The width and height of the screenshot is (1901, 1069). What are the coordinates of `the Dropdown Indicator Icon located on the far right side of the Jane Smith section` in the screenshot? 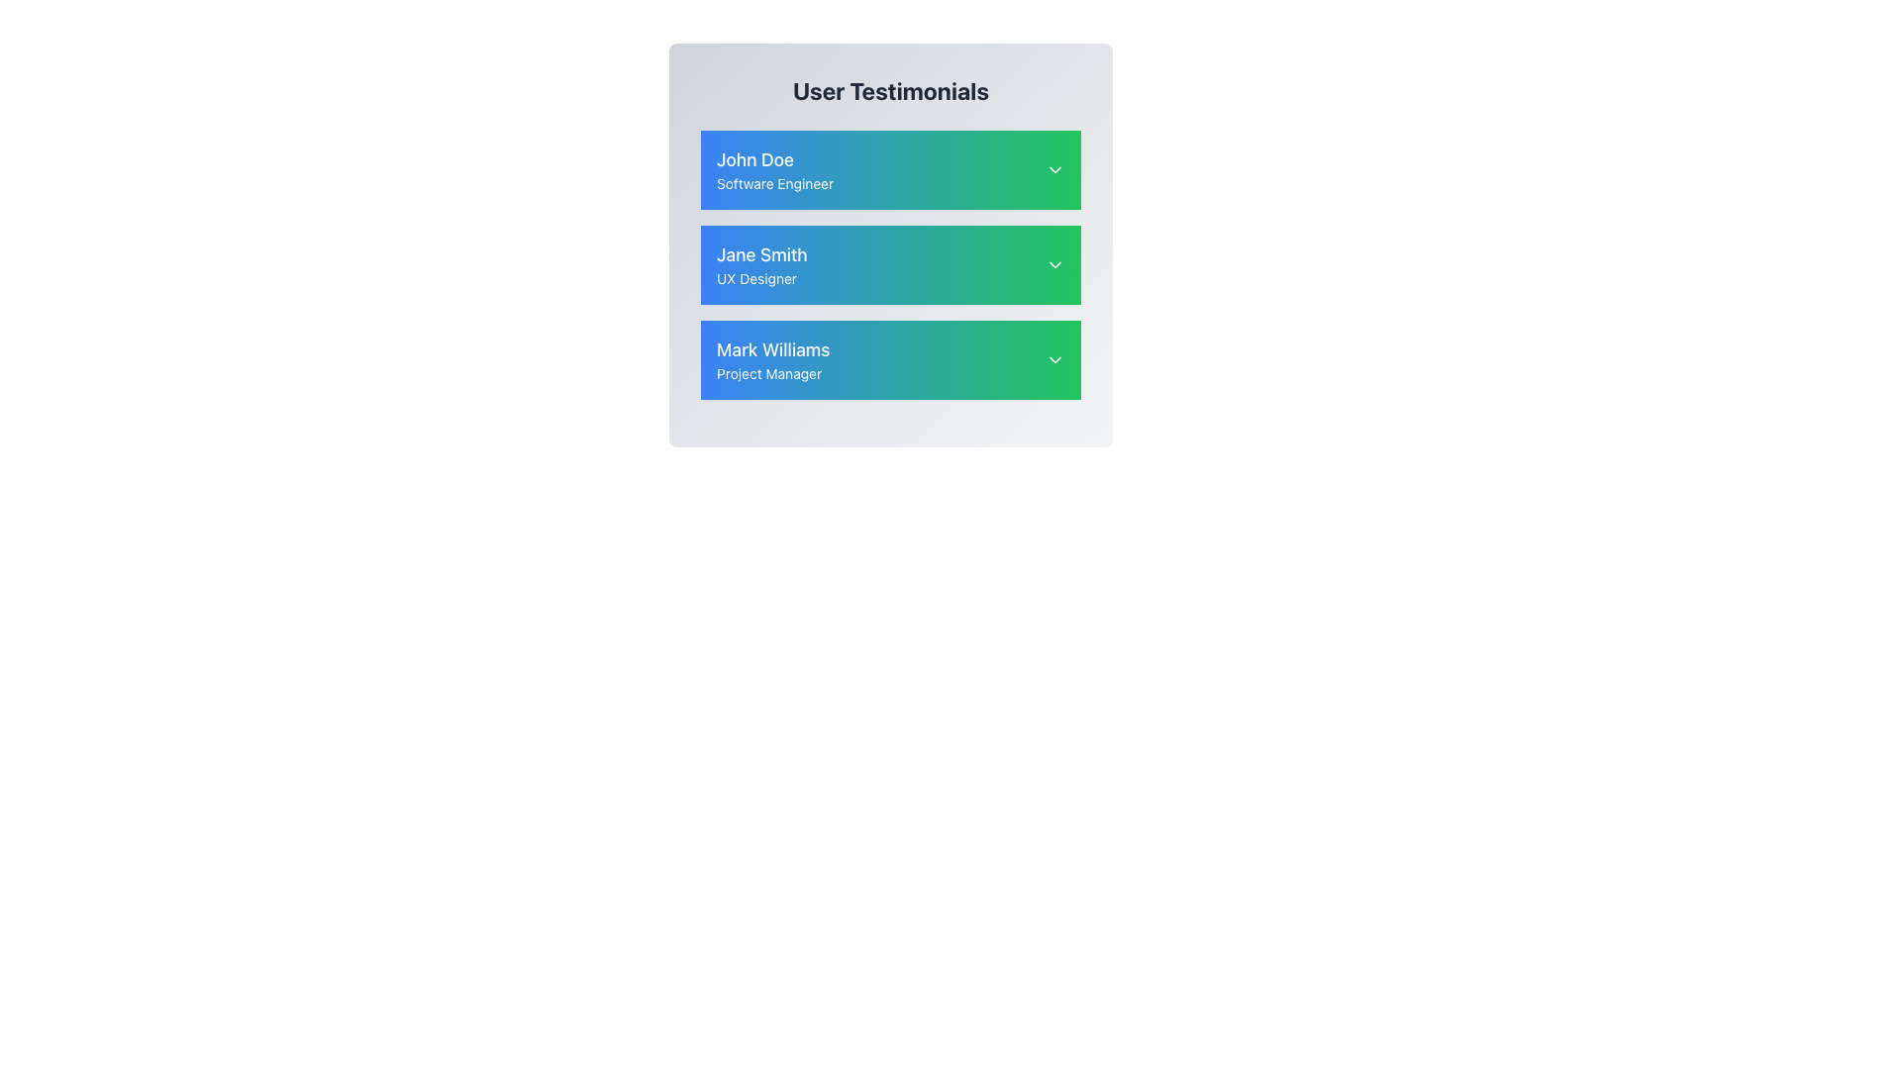 It's located at (1053, 263).